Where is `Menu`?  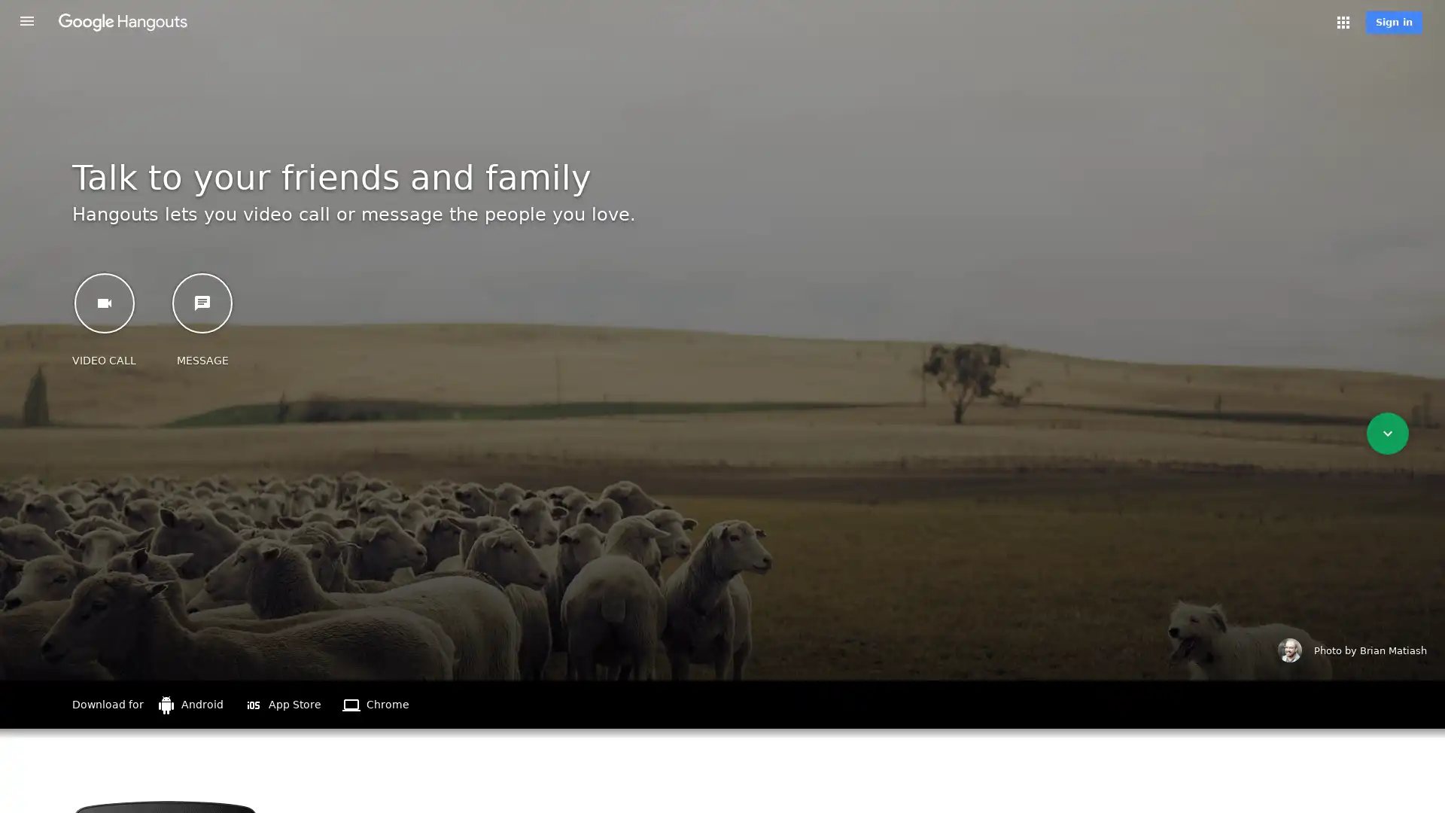
Menu is located at coordinates (26, 20).